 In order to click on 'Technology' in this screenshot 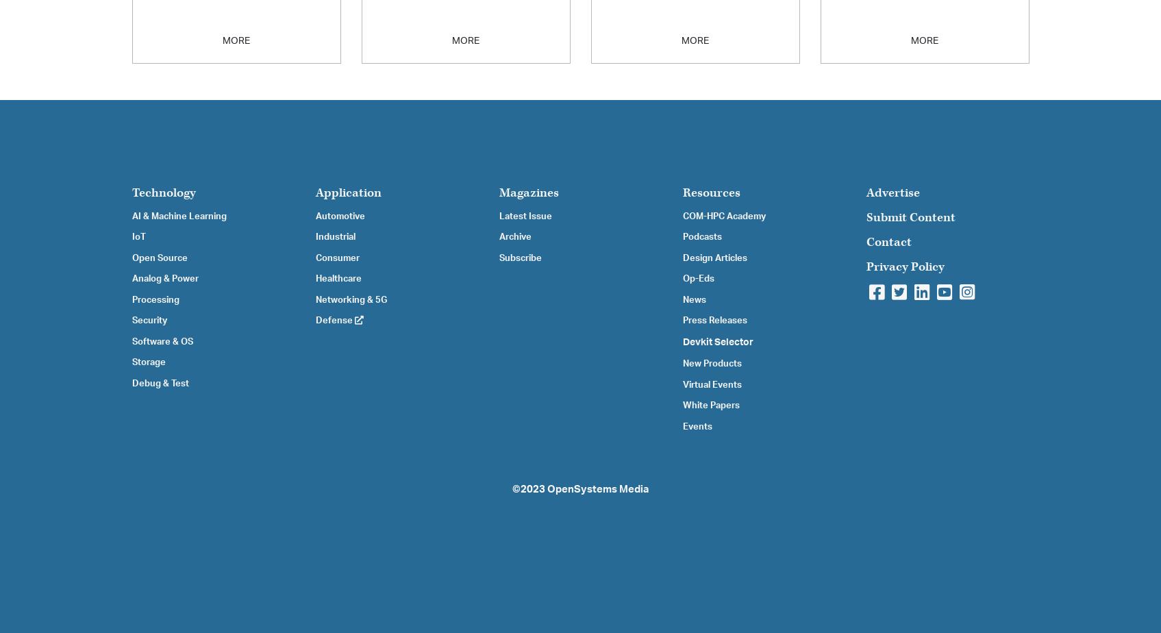, I will do `click(162, 192)`.